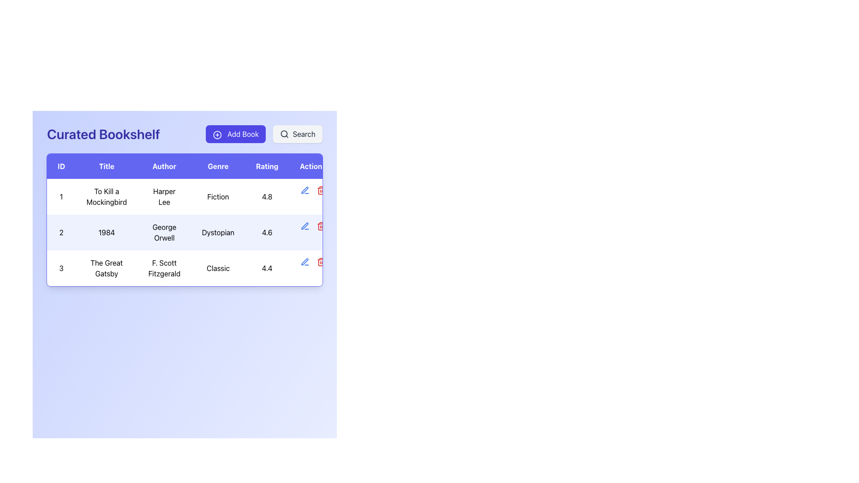 The image size is (859, 483). What do you see at coordinates (191, 196) in the screenshot?
I see `the first row of the book table to view more details about the book, which includes its title, author, genre, and rating` at bounding box center [191, 196].